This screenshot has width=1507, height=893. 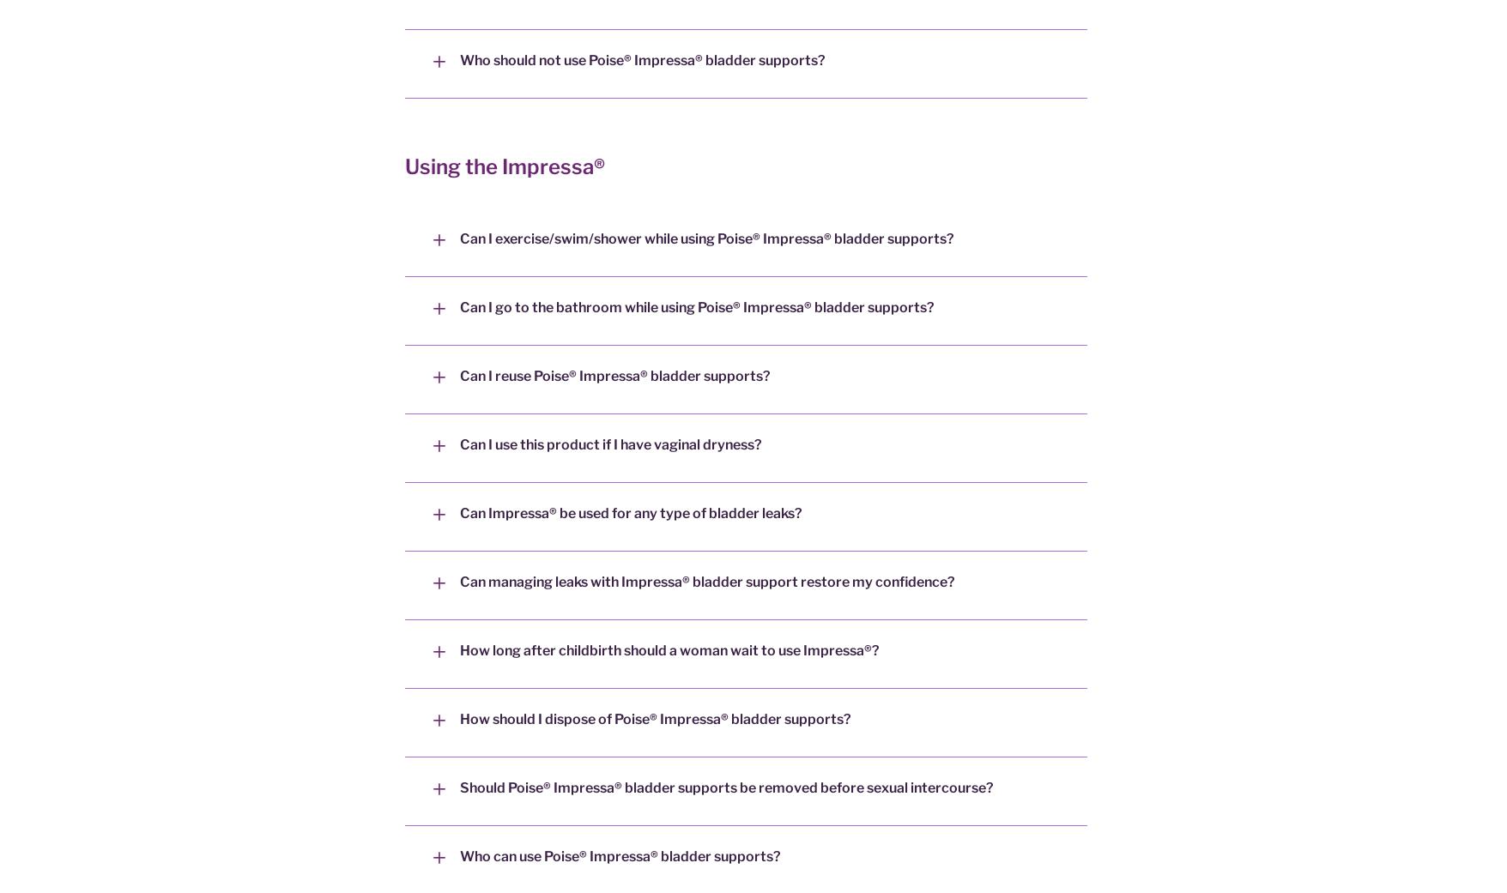 I want to click on 'Can managing leaks with Impressa® bladder support restore my confidence?', so click(x=459, y=581).